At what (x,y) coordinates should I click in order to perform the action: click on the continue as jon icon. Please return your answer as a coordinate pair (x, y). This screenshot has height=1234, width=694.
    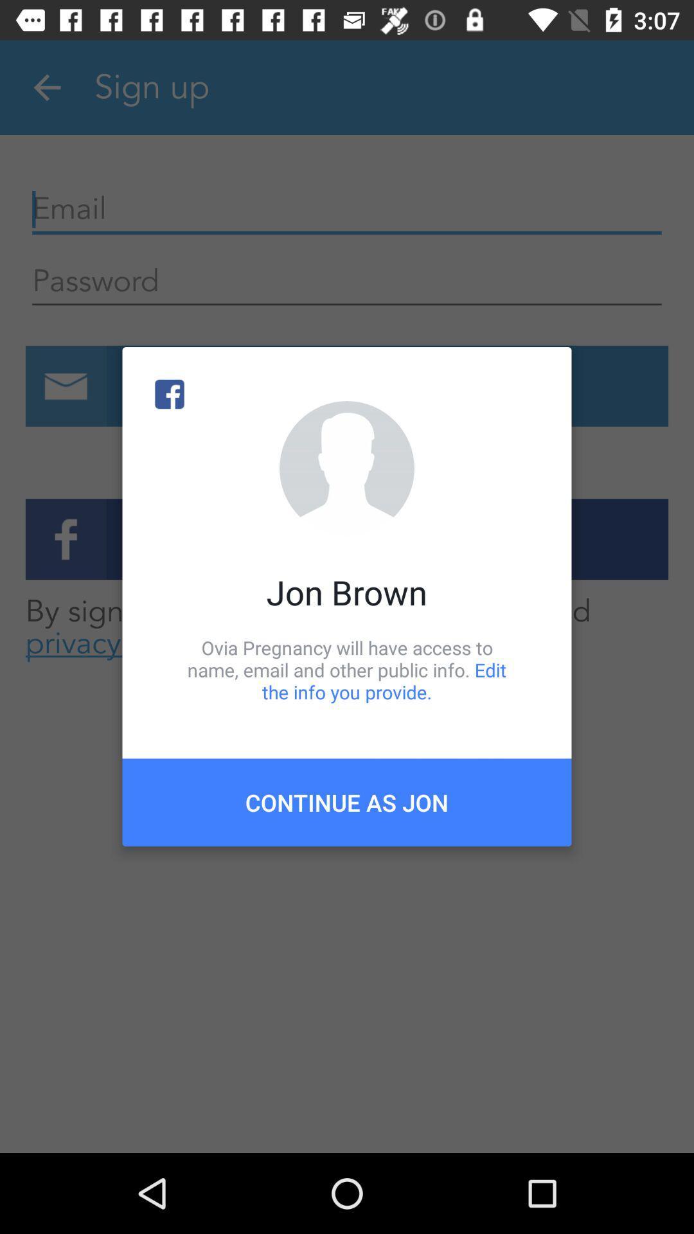
    Looking at the image, I should click on (347, 801).